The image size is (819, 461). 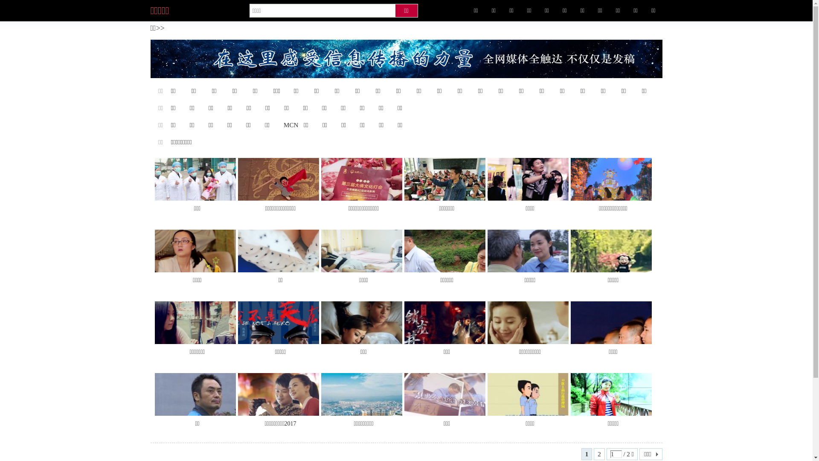 What do you see at coordinates (599, 454) in the screenshot?
I see `'2'` at bounding box center [599, 454].